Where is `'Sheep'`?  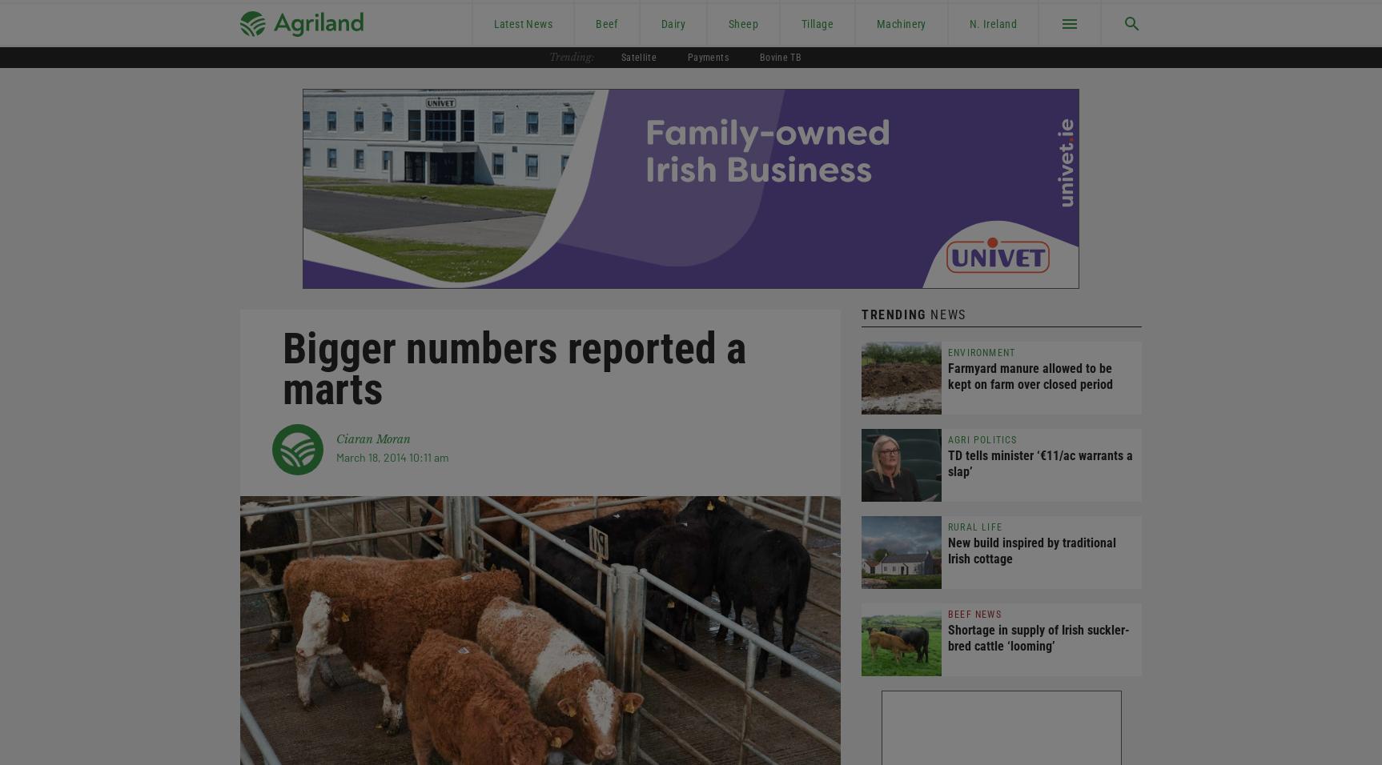 'Sheep' is located at coordinates (743, 22).